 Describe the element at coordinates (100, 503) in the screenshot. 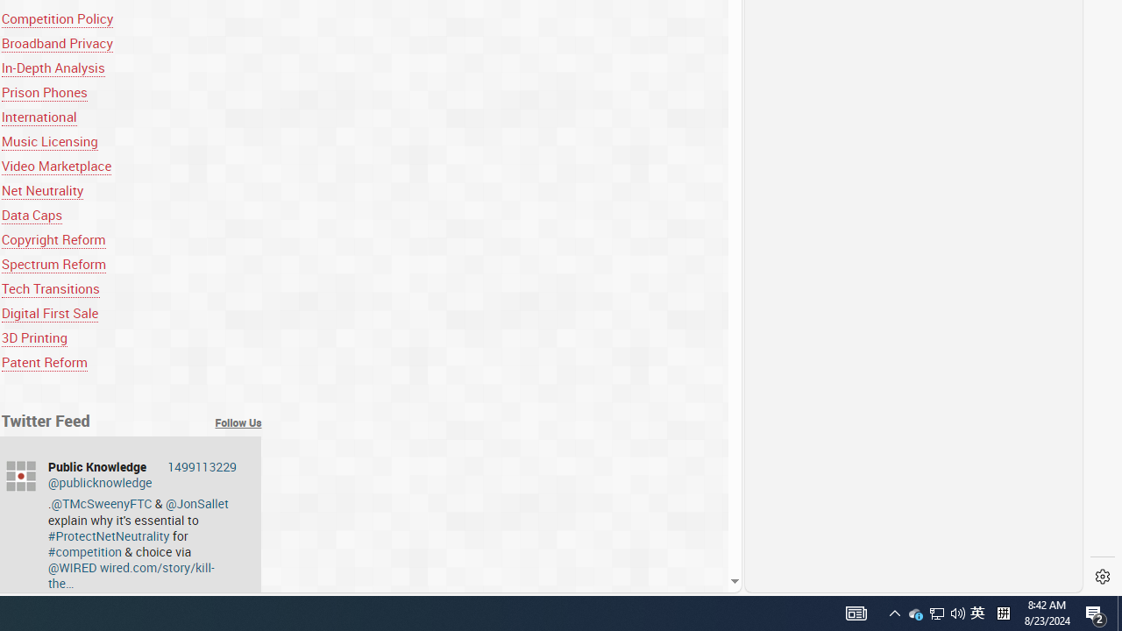

I see `'@TMcSweenyFTC'` at that location.